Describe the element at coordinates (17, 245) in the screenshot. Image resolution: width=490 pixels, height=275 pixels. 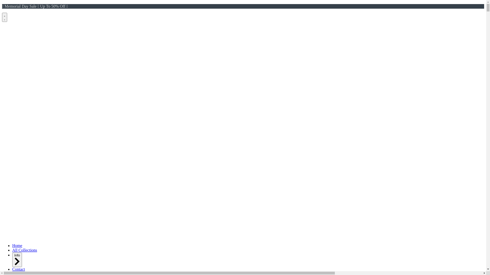
I see `'Home'` at that location.